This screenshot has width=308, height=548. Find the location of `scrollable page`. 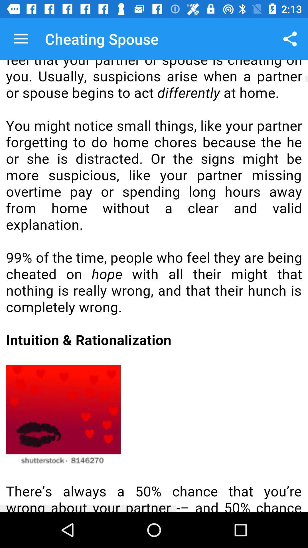

scrollable page is located at coordinates (154, 286).